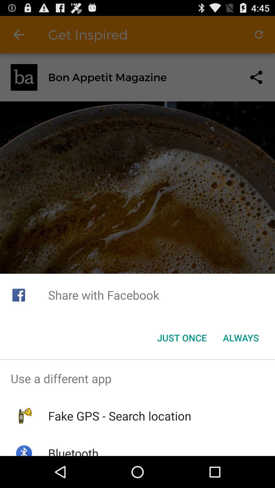 Image resolution: width=275 pixels, height=488 pixels. I want to click on the icon below the share with facebook app, so click(241, 338).